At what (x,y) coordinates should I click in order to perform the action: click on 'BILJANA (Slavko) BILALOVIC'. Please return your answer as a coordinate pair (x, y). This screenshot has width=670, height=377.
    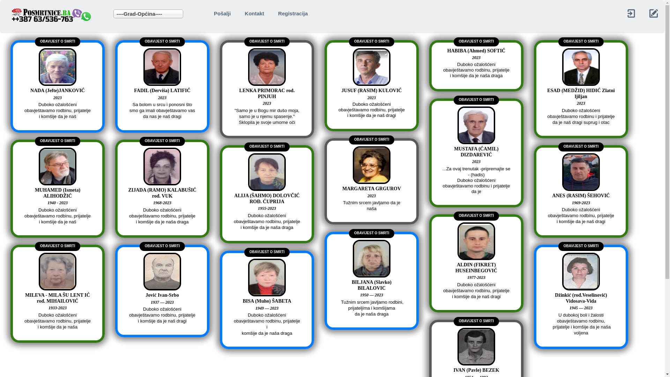
    Looking at the image, I should click on (371, 289).